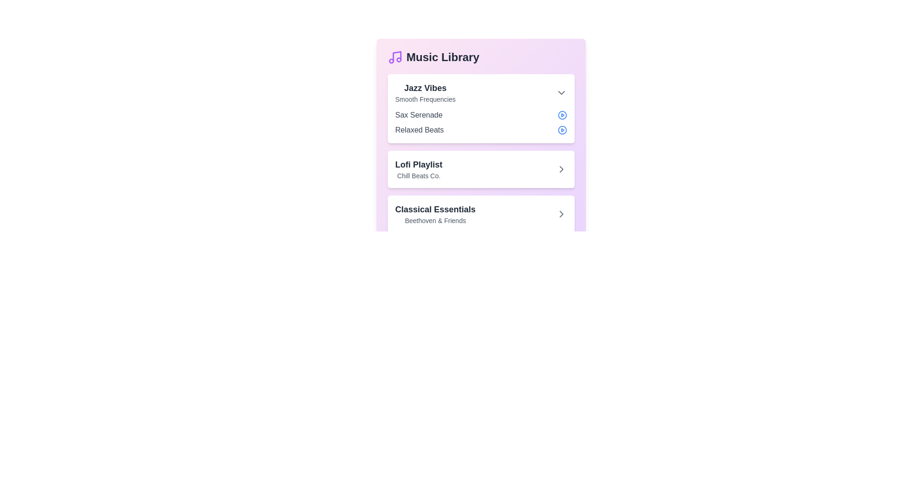 The height and width of the screenshot is (504, 897). Describe the element at coordinates (425, 88) in the screenshot. I see `the 'Jazz Vibes' album to expand and view its details` at that location.